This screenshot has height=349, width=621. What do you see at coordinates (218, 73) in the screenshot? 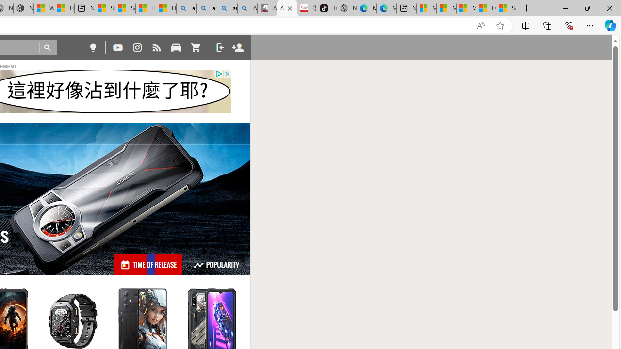
I see `'Class: privacy_out'` at bounding box center [218, 73].